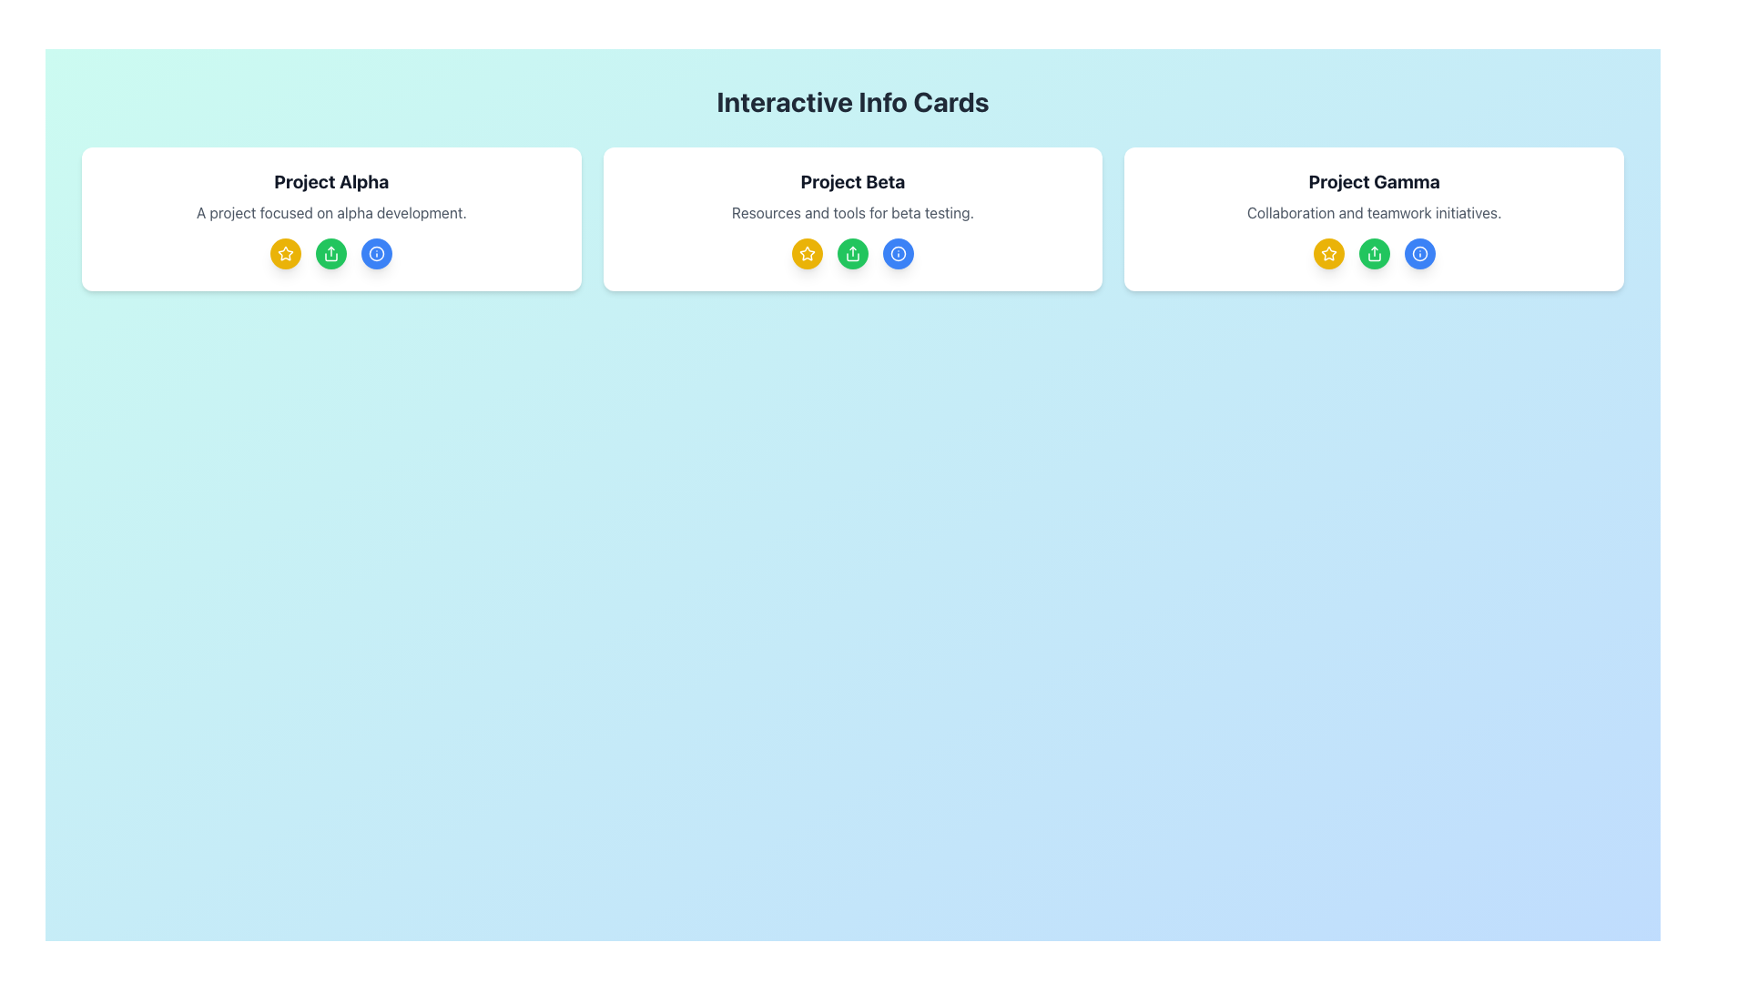 The height and width of the screenshot is (983, 1748). I want to click on any of the three interactive buttons at the bottom of the 'Project Beta' informational card, so click(851, 218).